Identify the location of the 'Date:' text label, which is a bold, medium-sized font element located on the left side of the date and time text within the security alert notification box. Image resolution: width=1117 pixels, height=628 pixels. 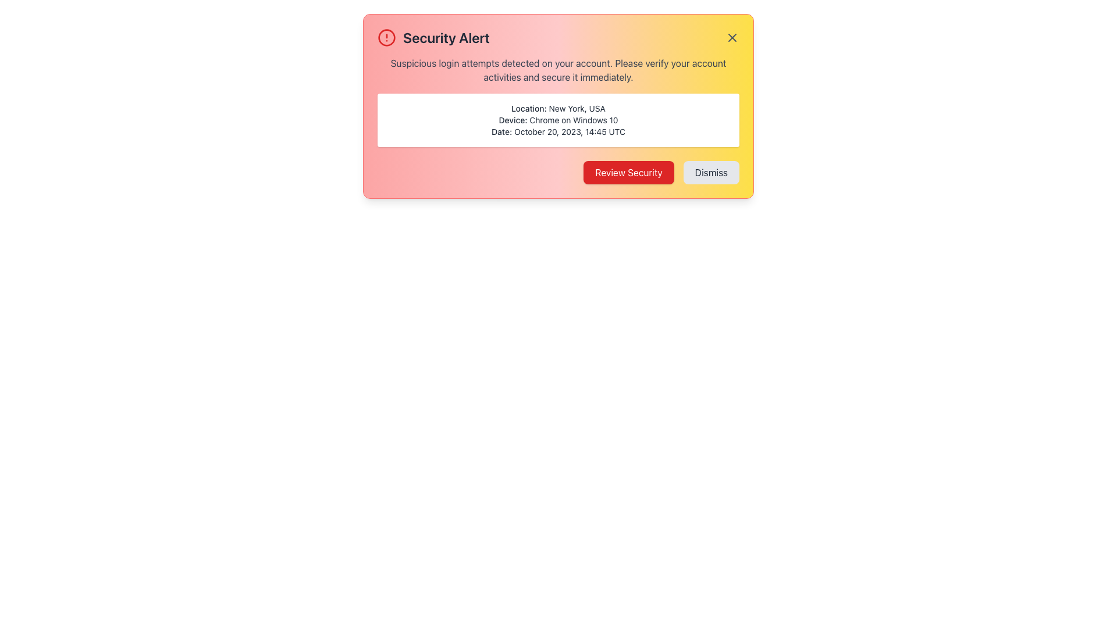
(501, 131).